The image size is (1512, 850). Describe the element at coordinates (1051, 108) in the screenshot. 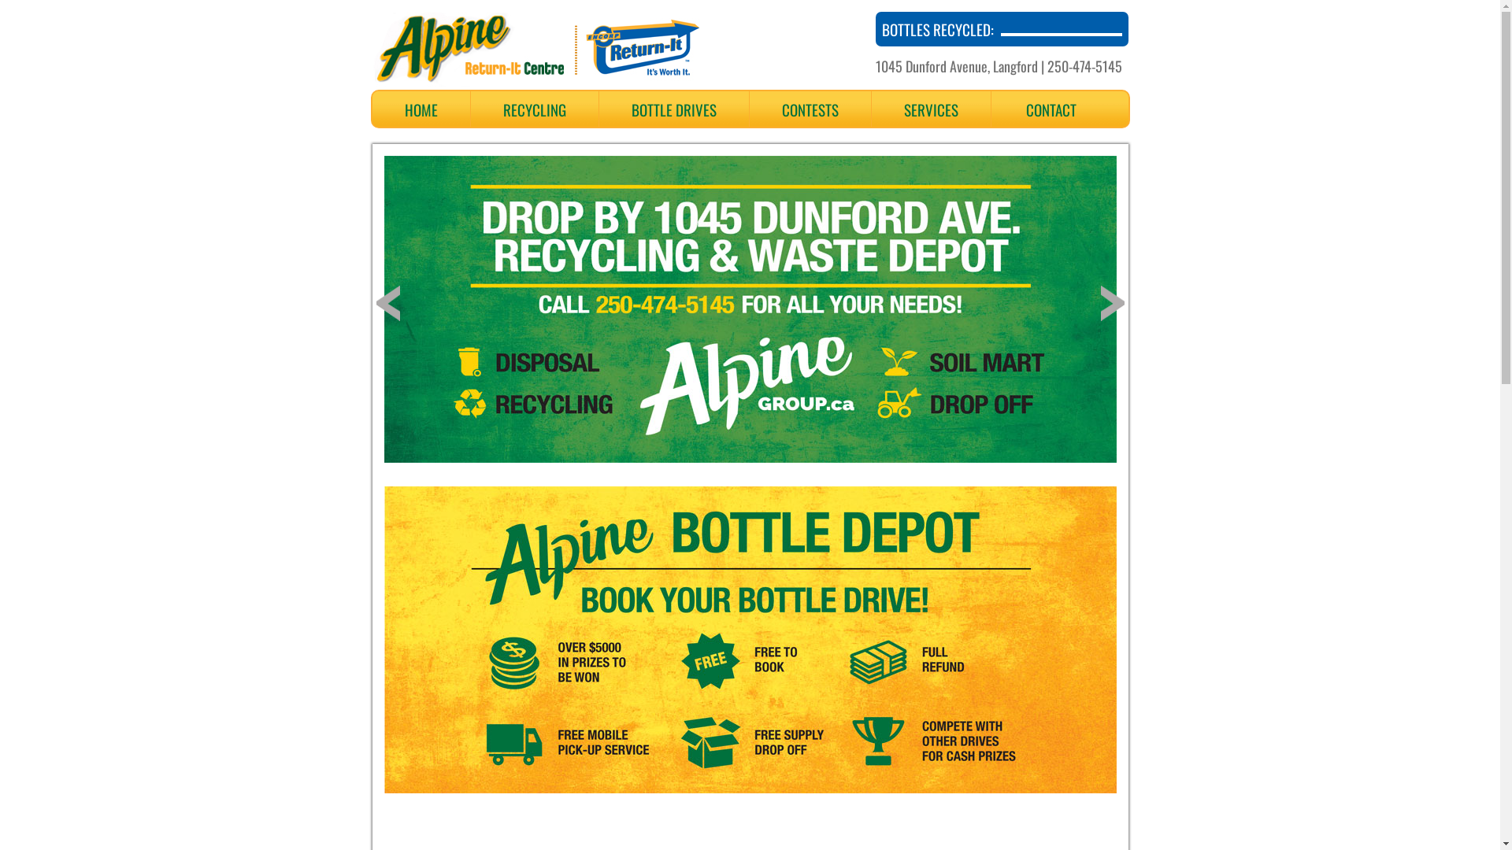

I see `'CONTACT'` at that location.